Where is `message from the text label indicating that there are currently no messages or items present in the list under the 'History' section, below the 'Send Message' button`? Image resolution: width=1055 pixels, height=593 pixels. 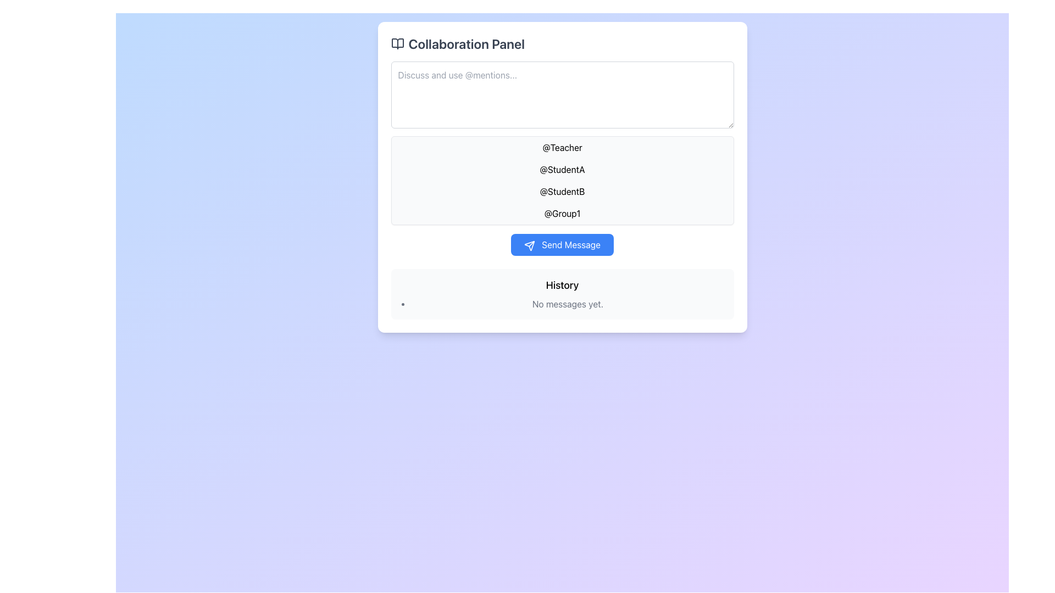
message from the text label indicating that there are currently no messages or items present in the list under the 'History' section, below the 'Send Message' button is located at coordinates (568, 304).